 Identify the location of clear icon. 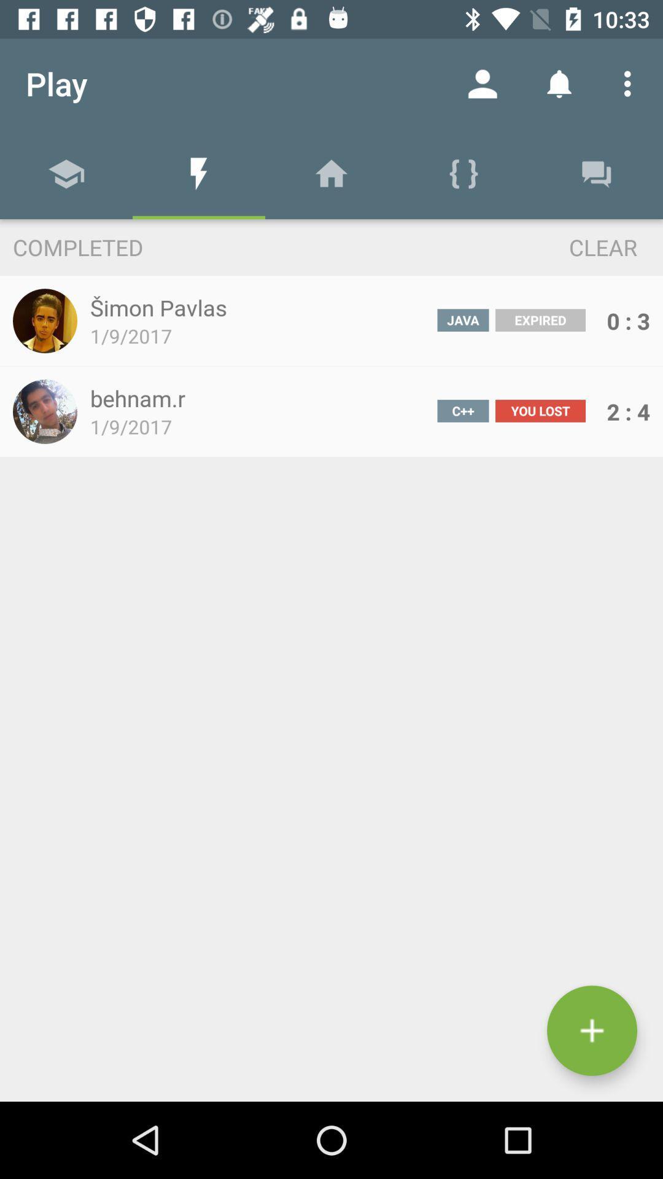
(580, 246).